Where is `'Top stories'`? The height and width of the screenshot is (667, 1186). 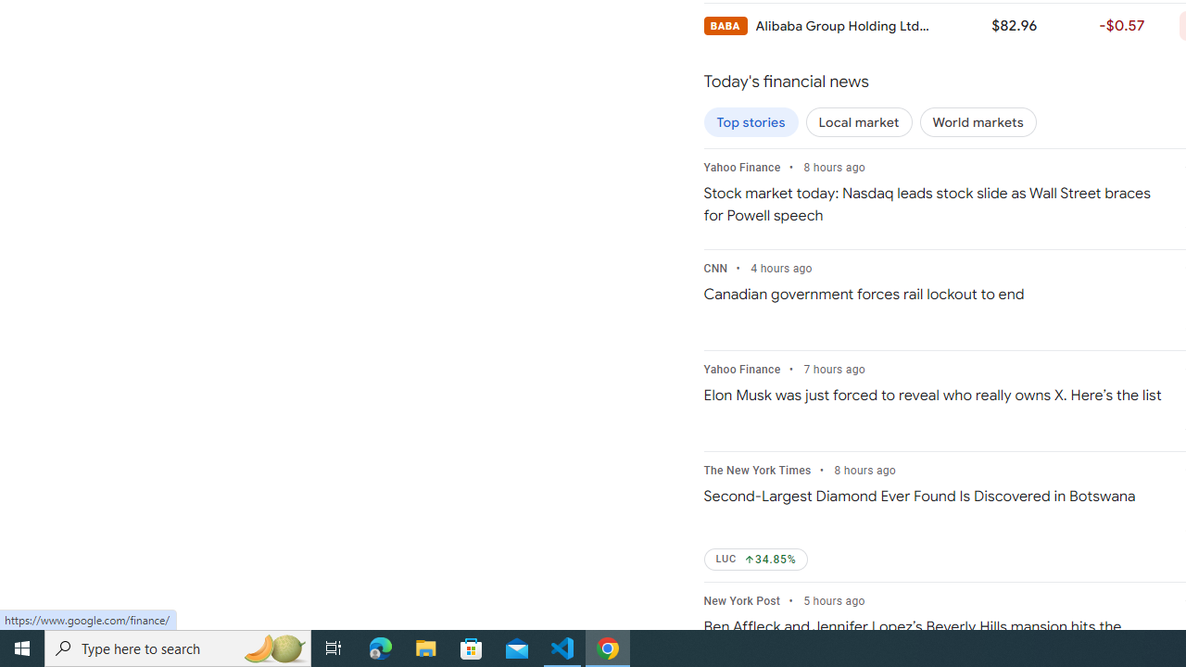
'Top stories' is located at coordinates (751, 122).